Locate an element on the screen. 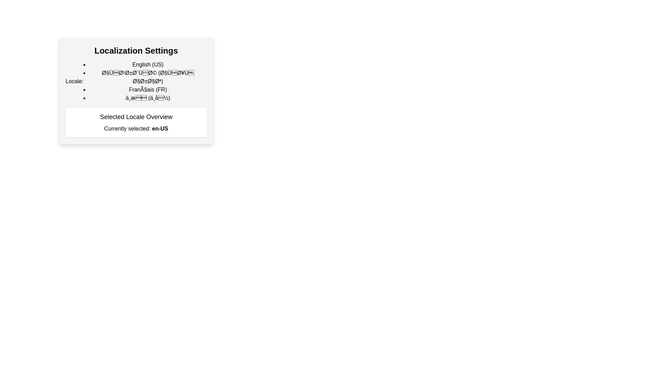 The width and height of the screenshot is (668, 376). the language option in the 'Localization Settings' section, specifically within the 'Locale:' subsection, which displays selectable language options like 'English (US)' and 'Français (FR)' is located at coordinates (148, 81).